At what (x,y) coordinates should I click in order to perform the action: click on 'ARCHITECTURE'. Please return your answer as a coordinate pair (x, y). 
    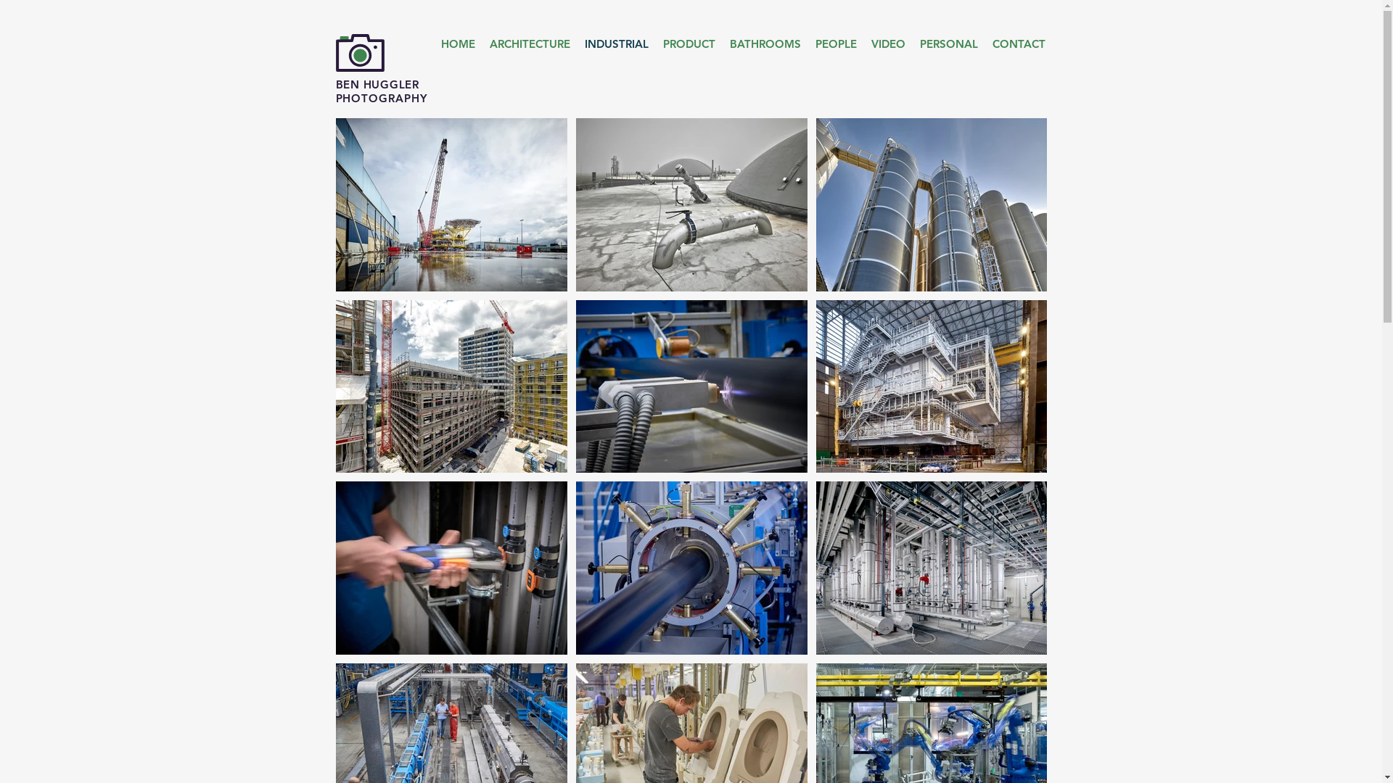
    Looking at the image, I should click on (528, 43).